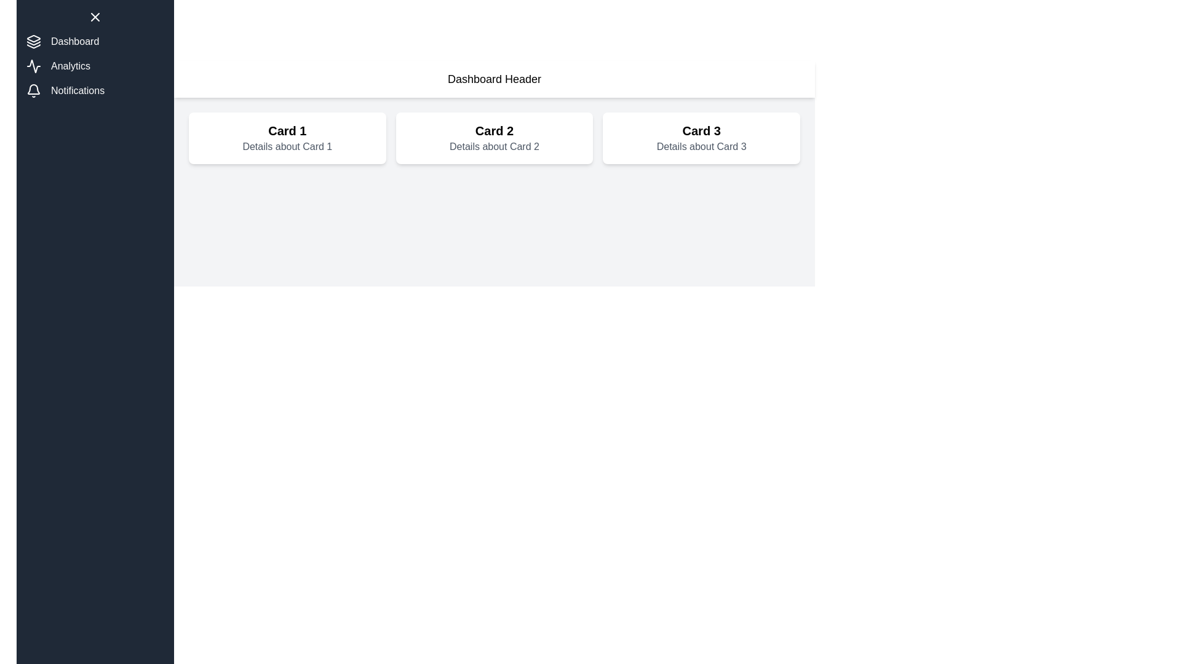 The height and width of the screenshot is (664, 1181). Describe the element at coordinates (94, 17) in the screenshot. I see `the graphical close button icon located in the upper-left corner of the sidebar menu` at that location.